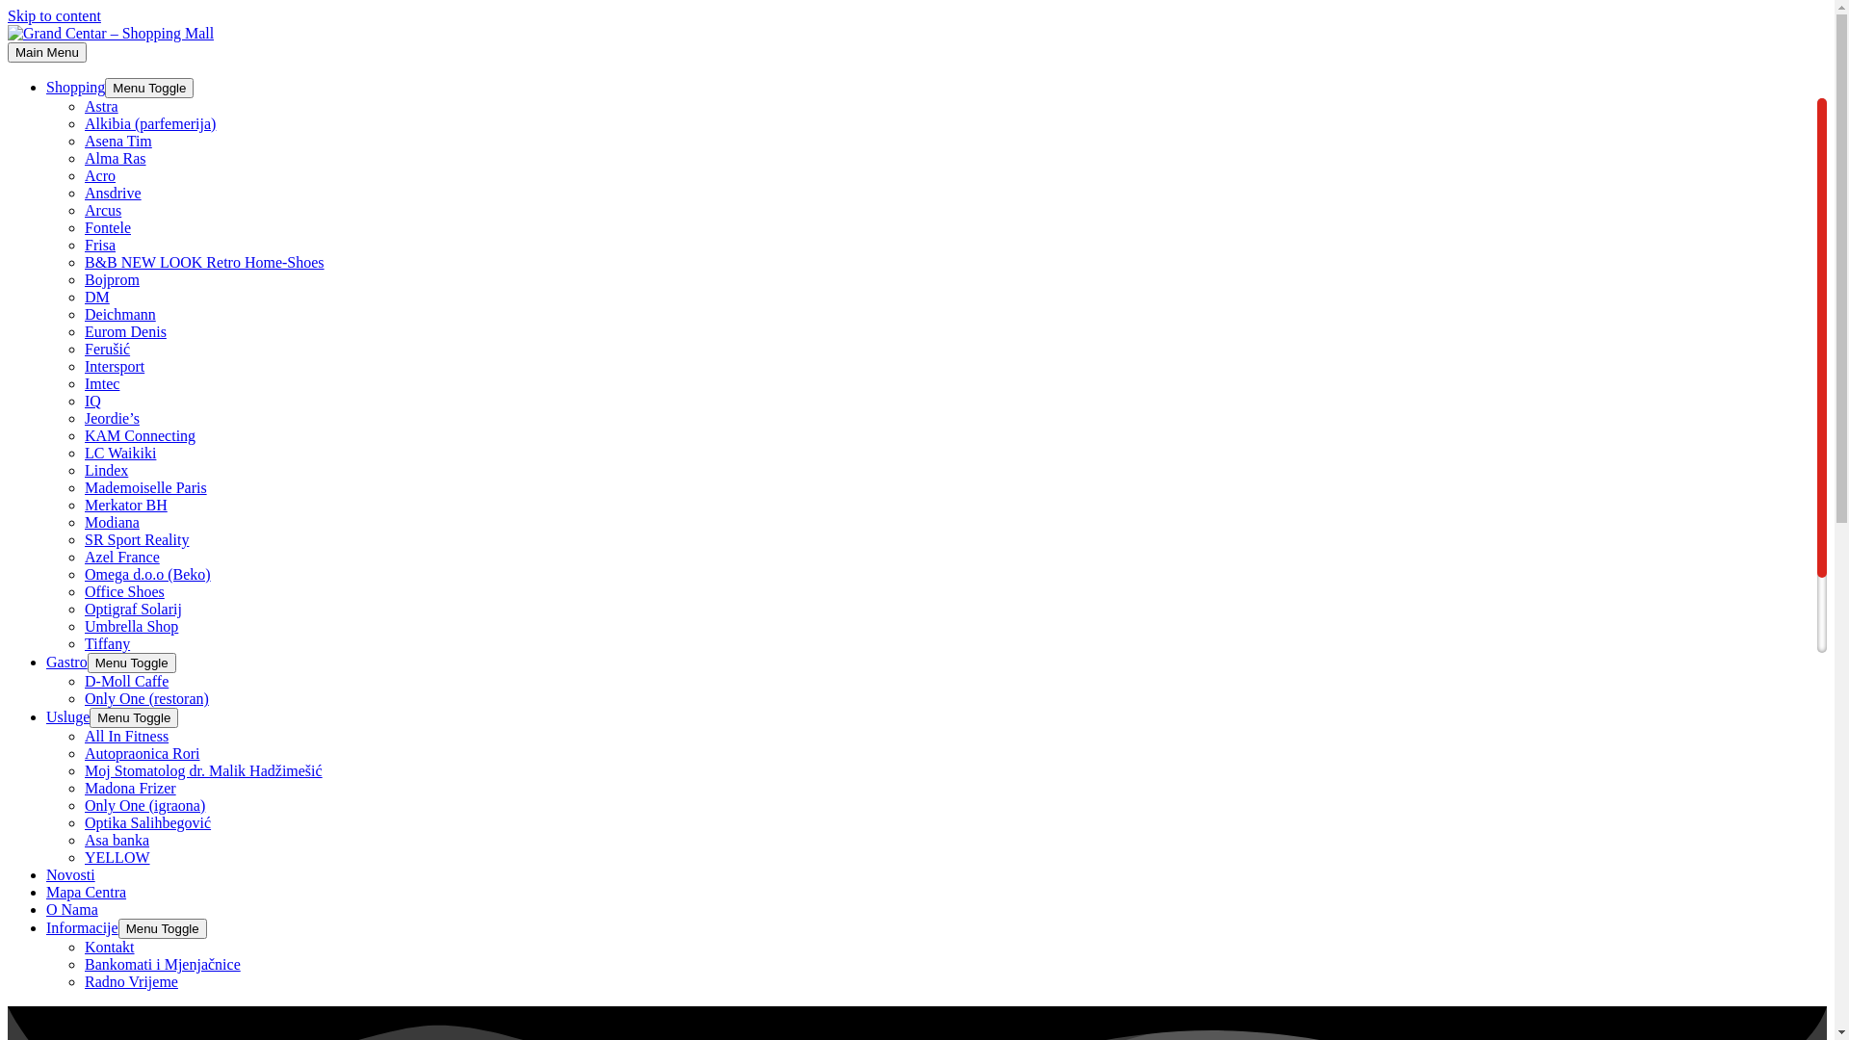 This screenshot has height=1040, width=1849. I want to click on 'Imtec', so click(100, 383).